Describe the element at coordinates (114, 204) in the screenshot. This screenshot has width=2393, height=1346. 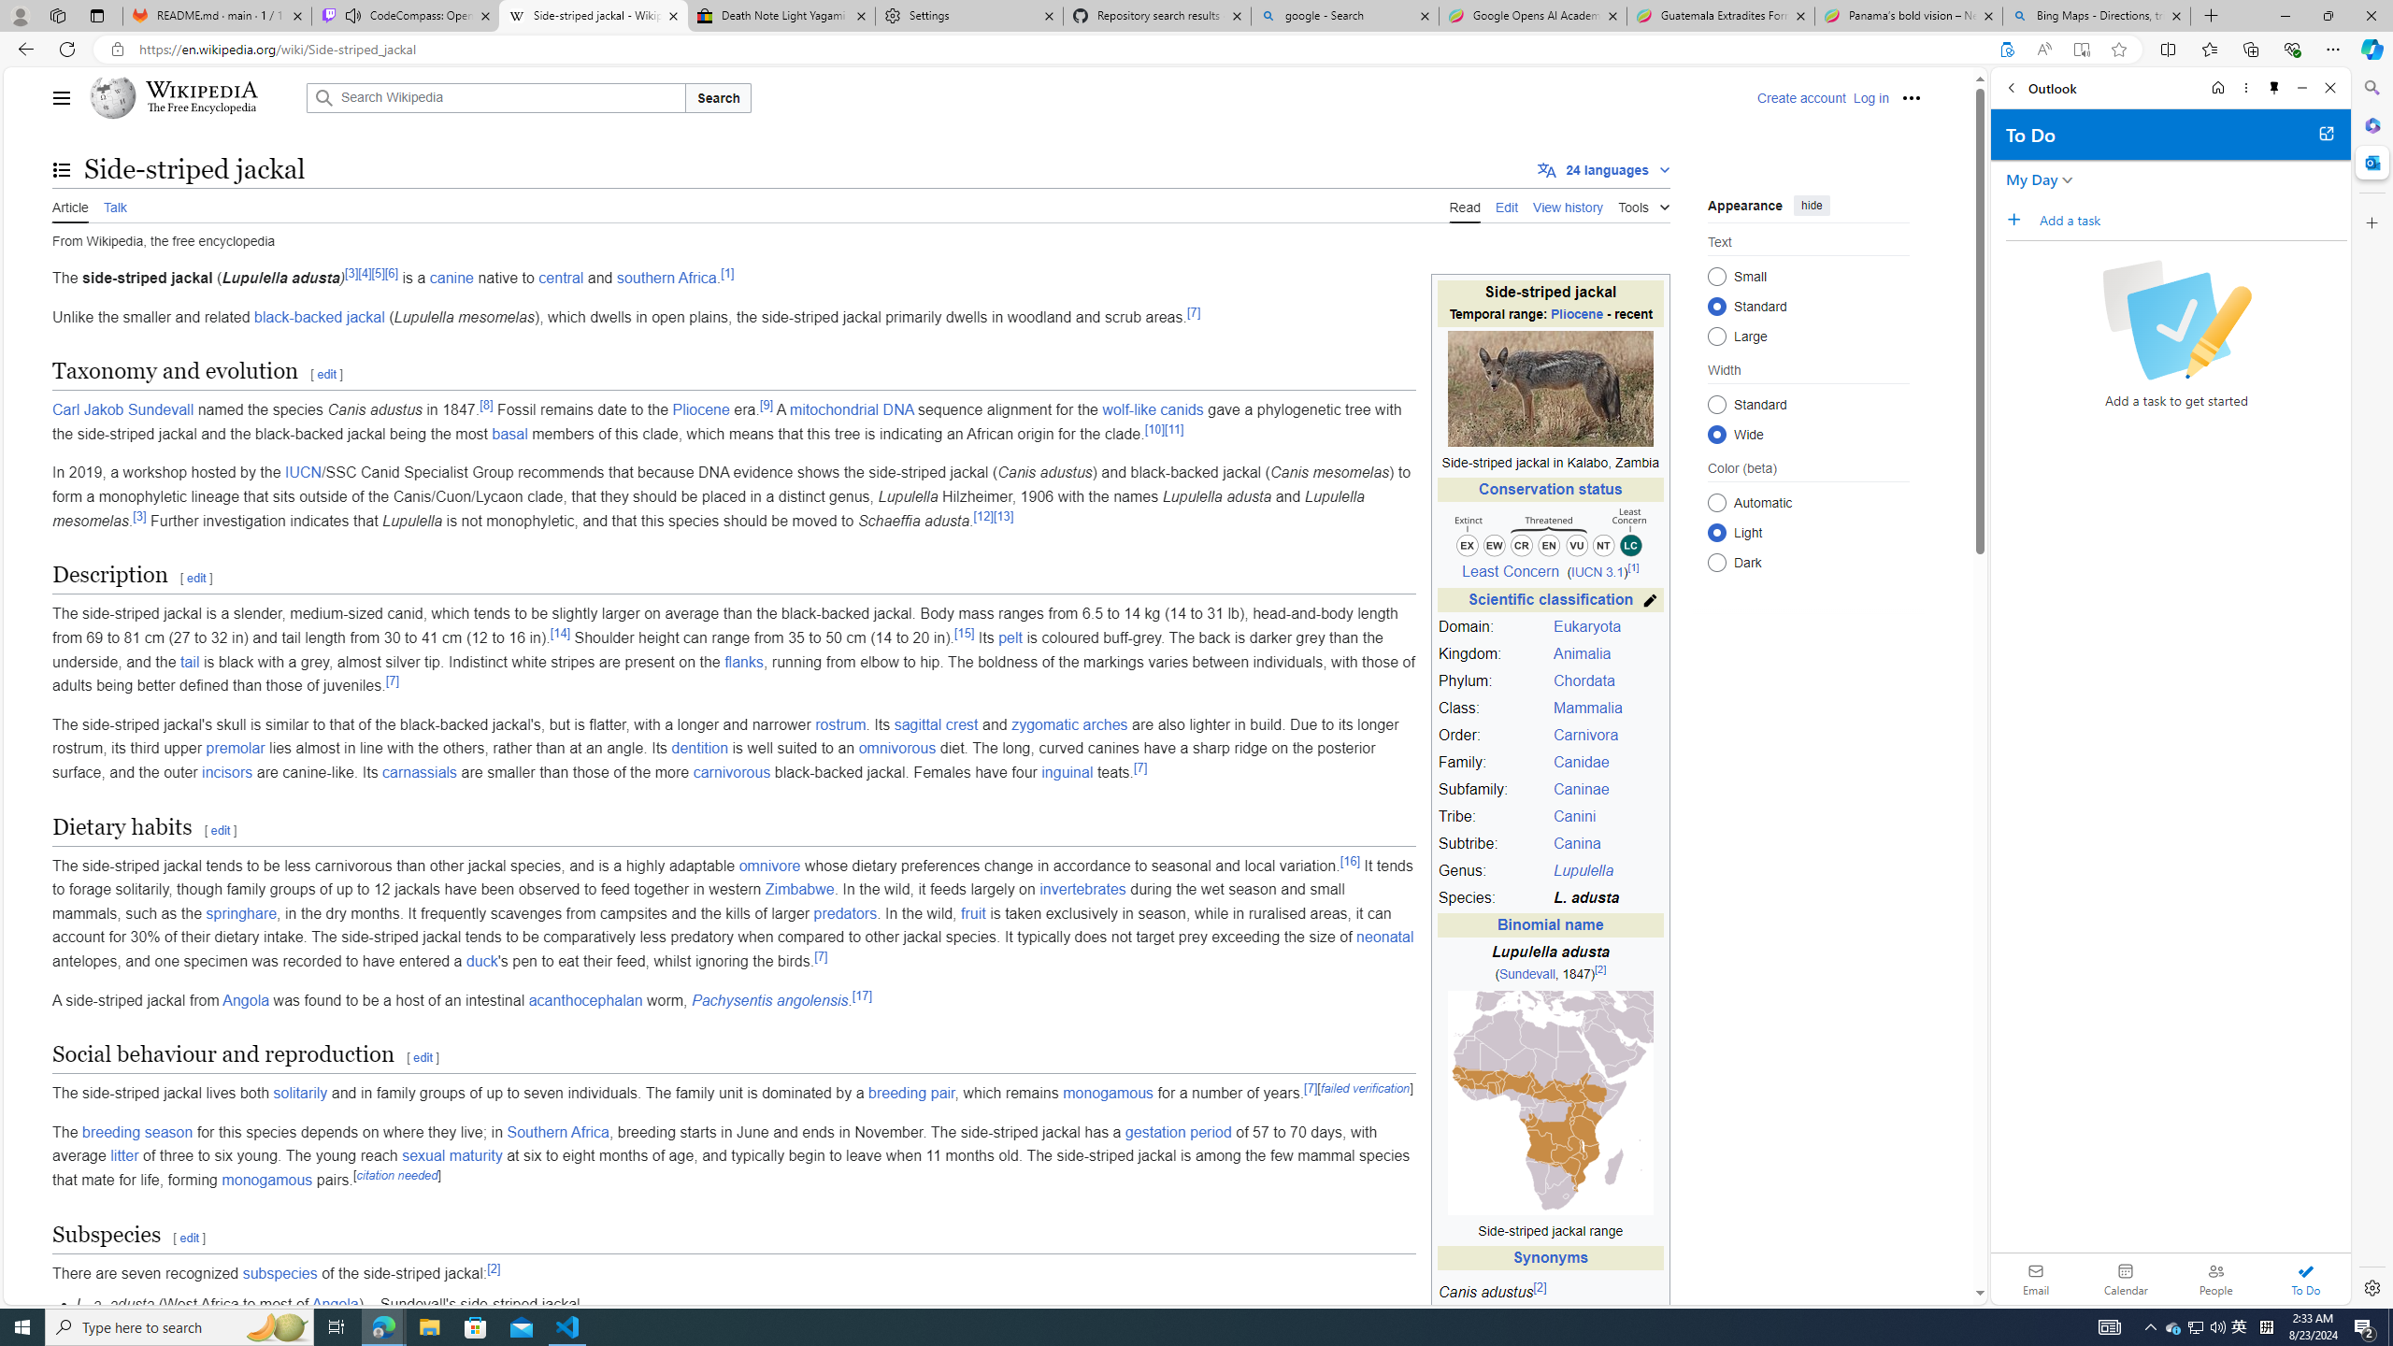
I see `'Talk'` at that location.